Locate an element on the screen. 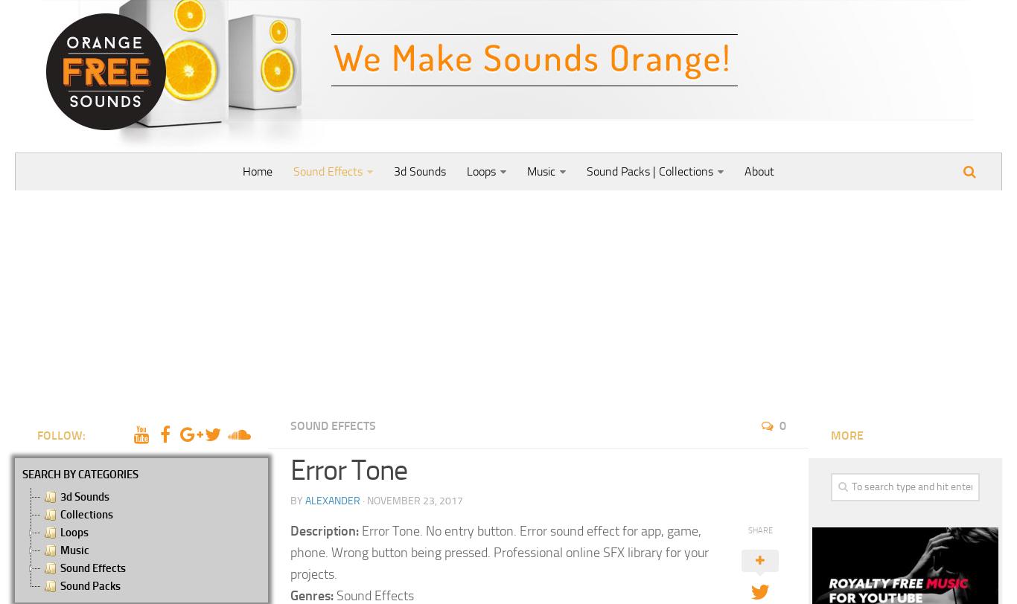 Image resolution: width=1017 pixels, height=604 pixels. 'Sound Packs | Collections' is located at coordinates (649, 171).